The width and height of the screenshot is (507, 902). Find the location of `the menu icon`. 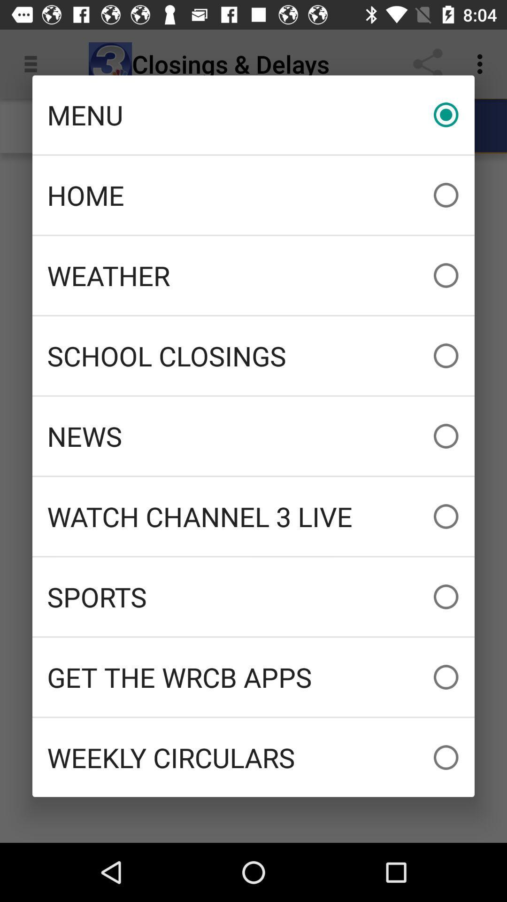

the menu icon is located at coordinates (253, 114).